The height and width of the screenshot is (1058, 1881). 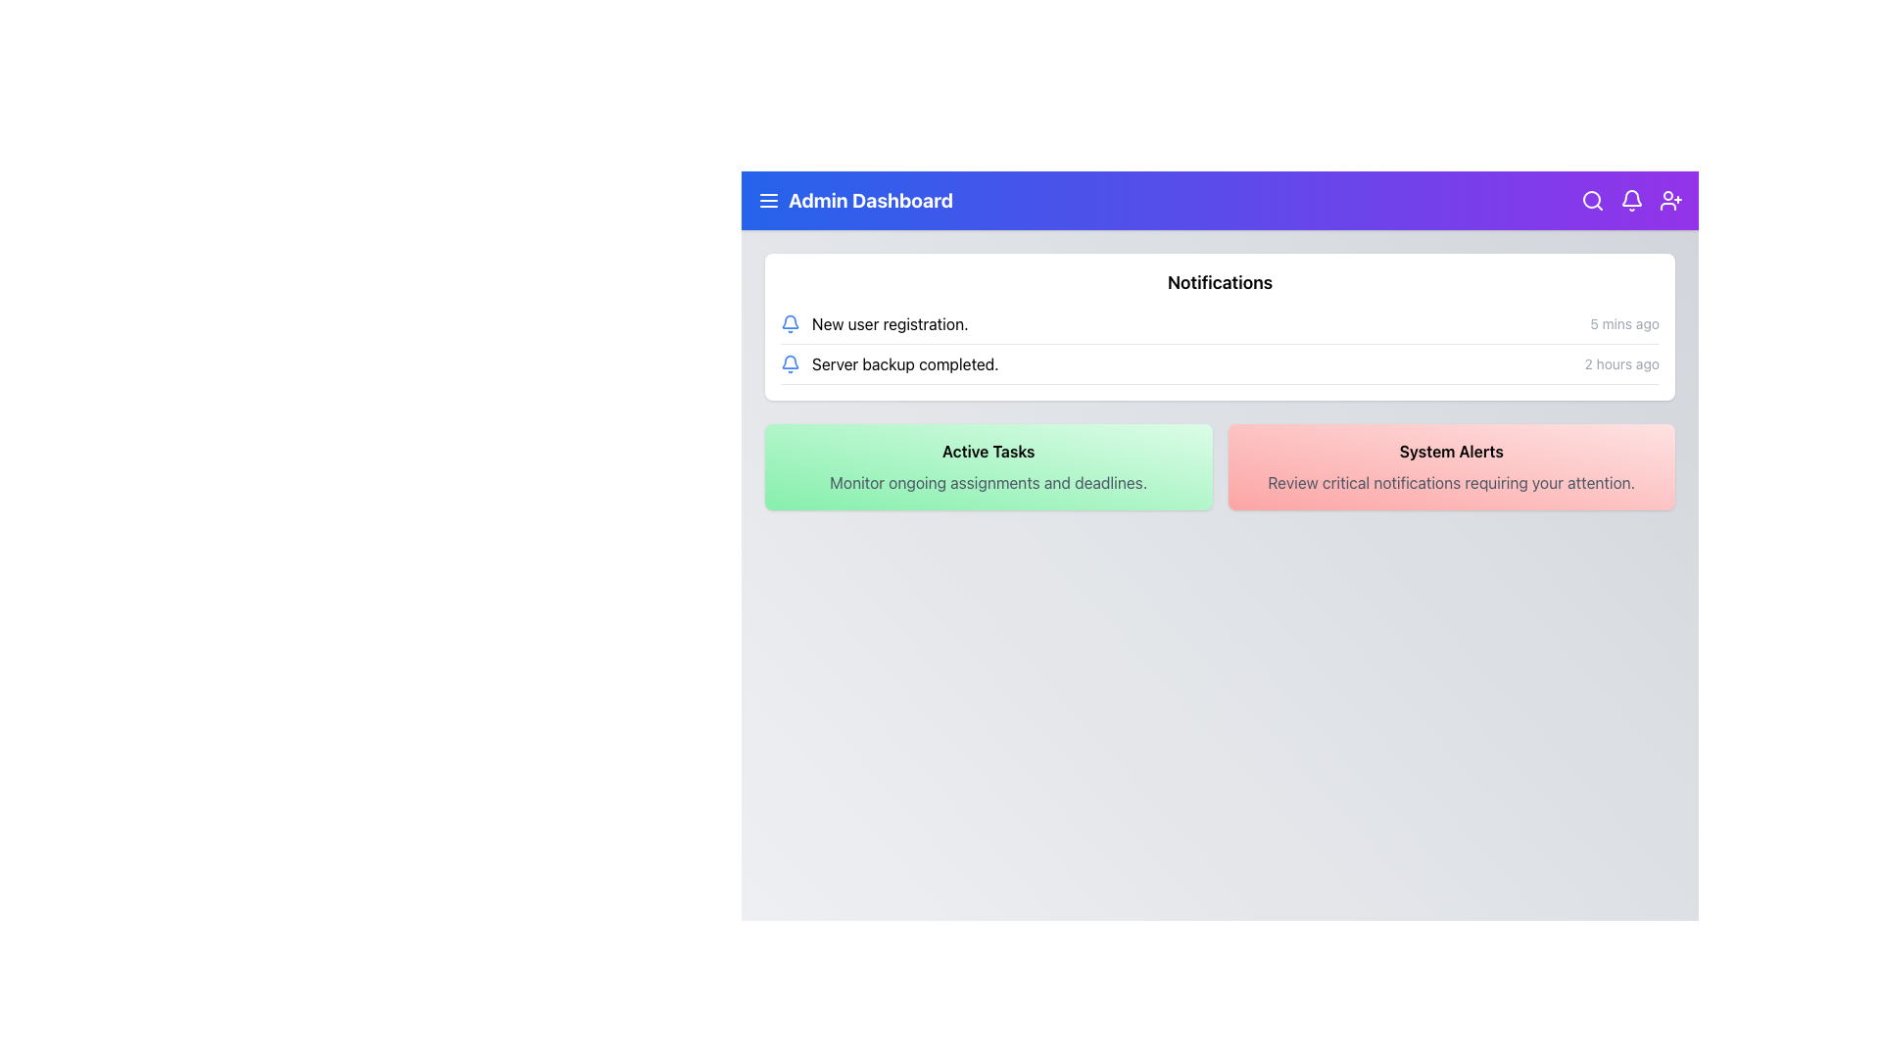 What do you see at coordinates (1621, 363) in the screenshot?
I see `informational text label displaying the relative time since an event occurred, located to the far right of the 'Server backup completed.' notification` at bounding box center [1621, 363].